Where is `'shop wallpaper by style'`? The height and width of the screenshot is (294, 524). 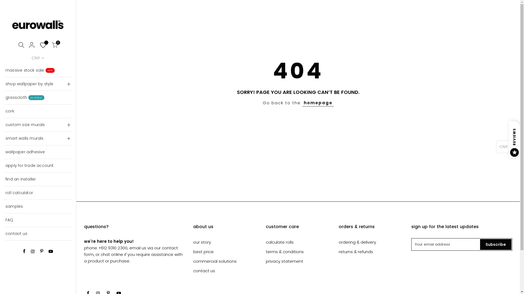 'shop wallpaper by style' is located at coordinates (38, 84).